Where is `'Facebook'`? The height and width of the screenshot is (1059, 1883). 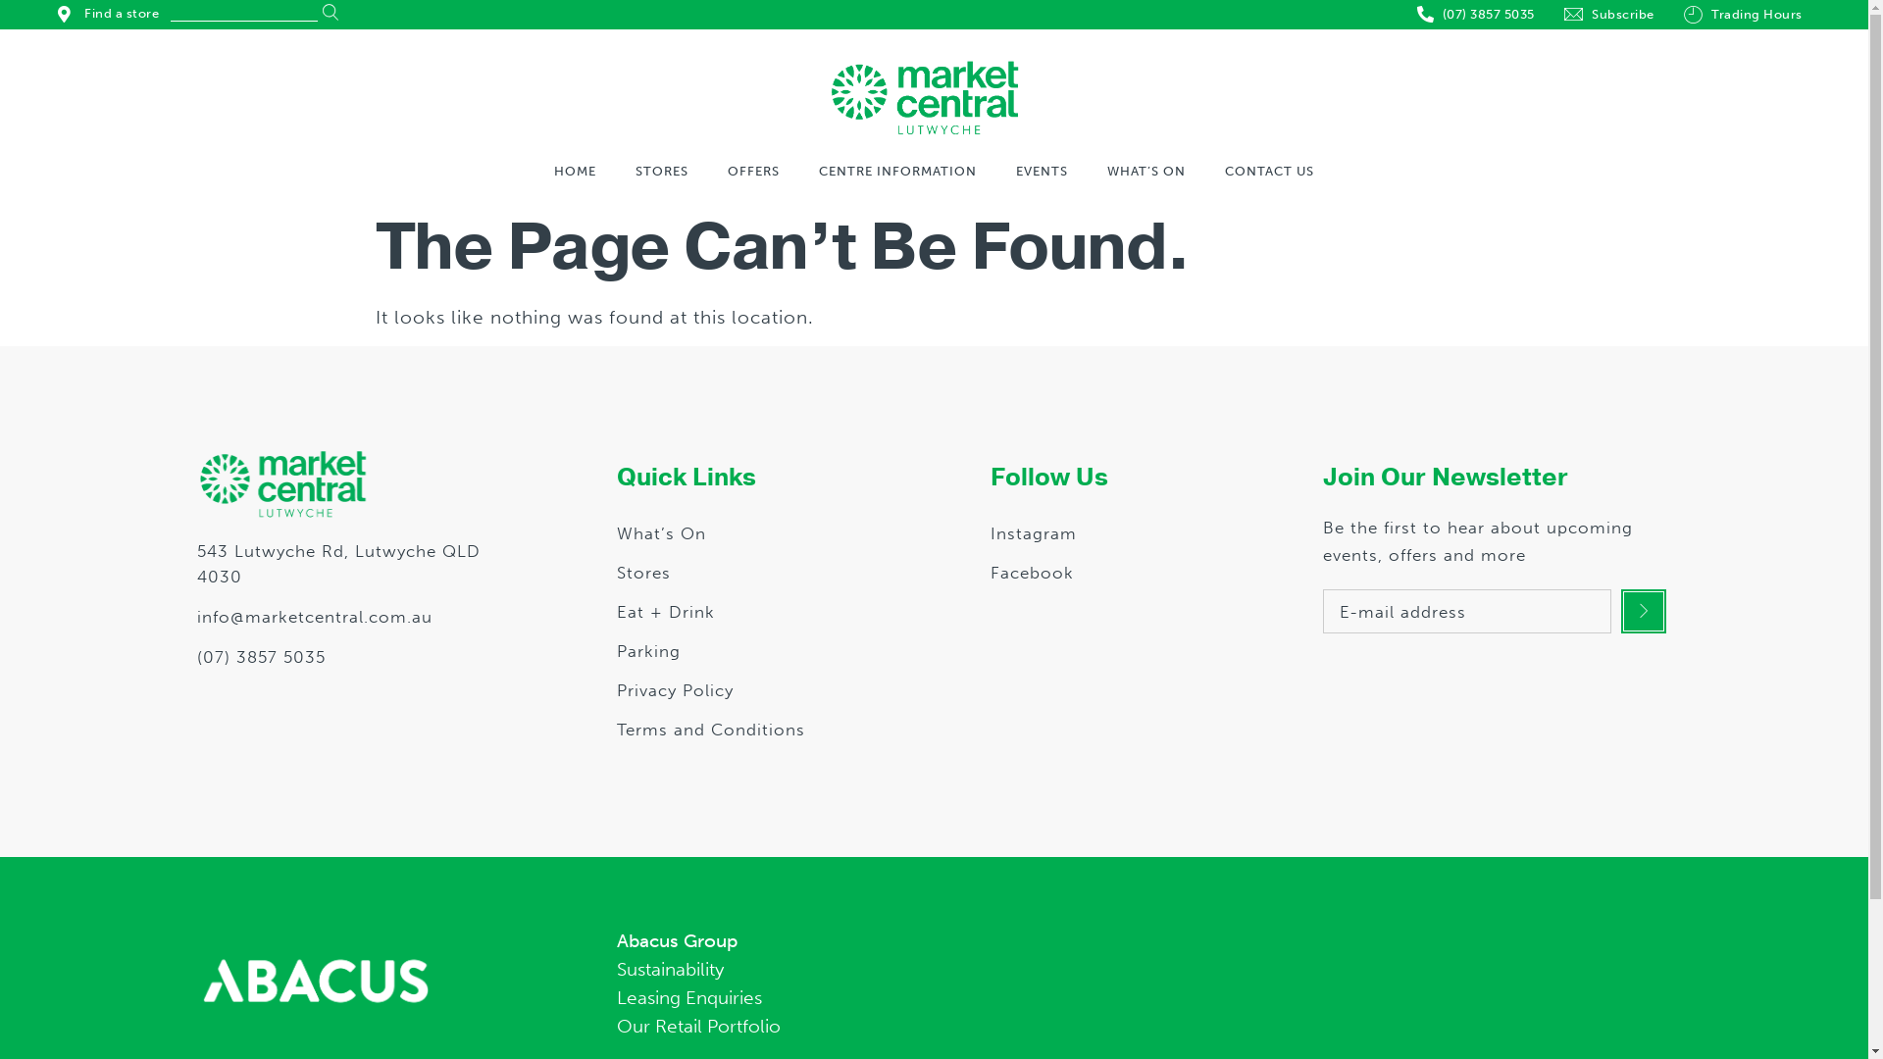
'Facebook' is located at coordinates (1031, 572).